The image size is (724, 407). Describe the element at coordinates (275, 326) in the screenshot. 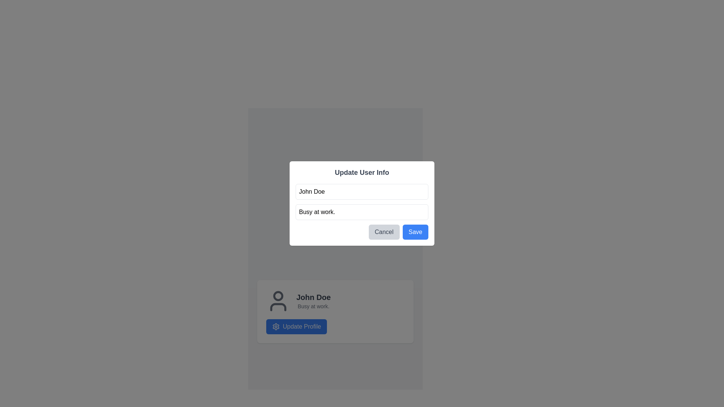

I see `the cog icon integrated into the 'Update Profile' button located at the bottom of the user information card to initiate the profile update process` at that location.